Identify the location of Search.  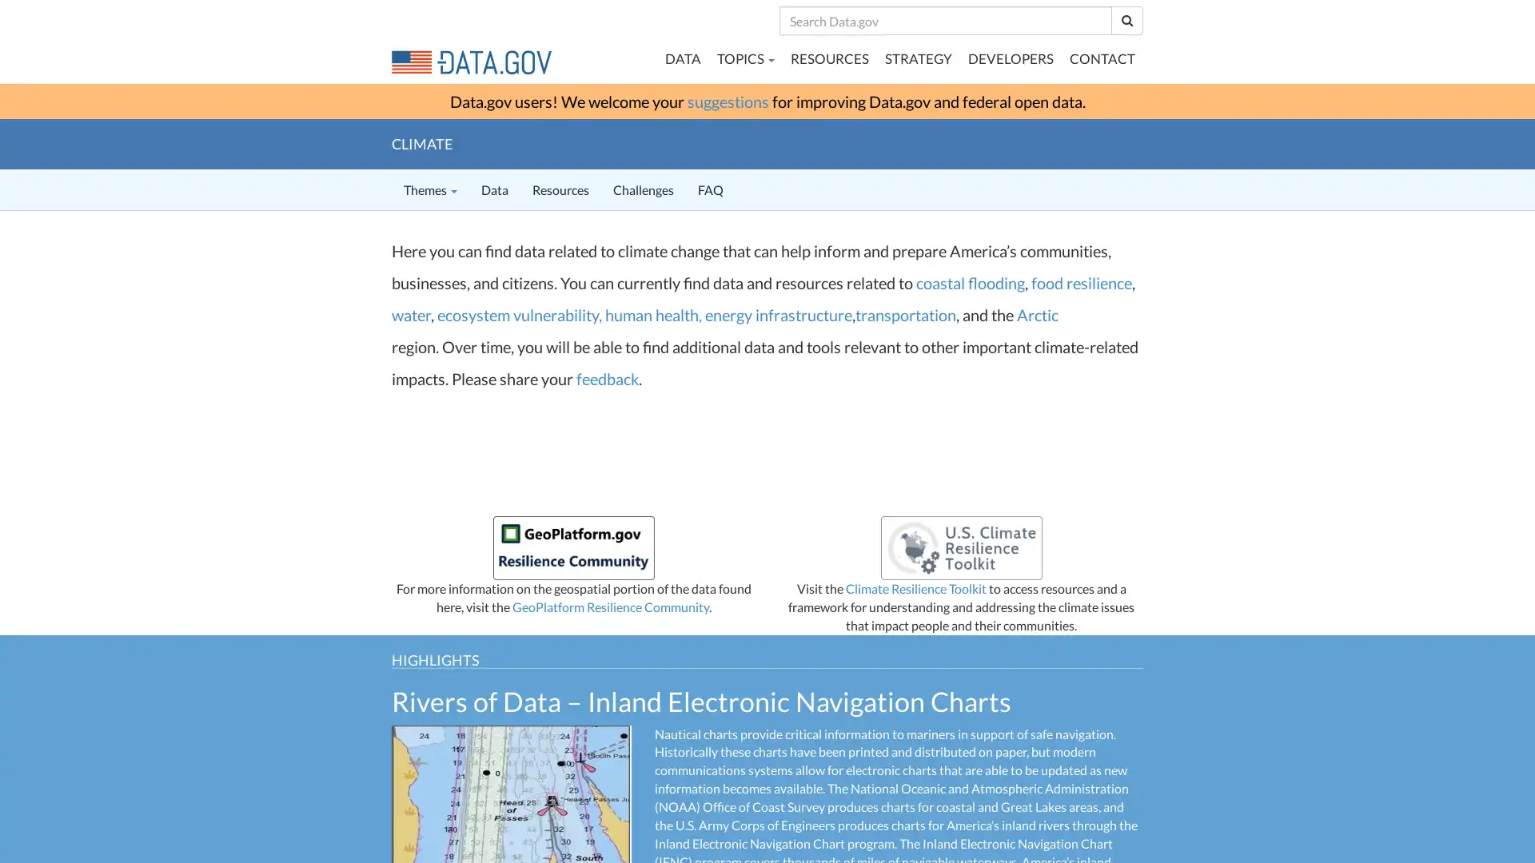
(1126, 20).